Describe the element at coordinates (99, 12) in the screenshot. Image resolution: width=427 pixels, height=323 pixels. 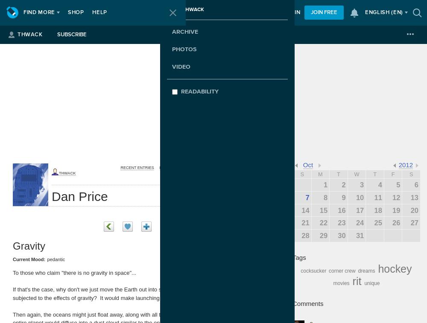
I see `'Help'` at that location.